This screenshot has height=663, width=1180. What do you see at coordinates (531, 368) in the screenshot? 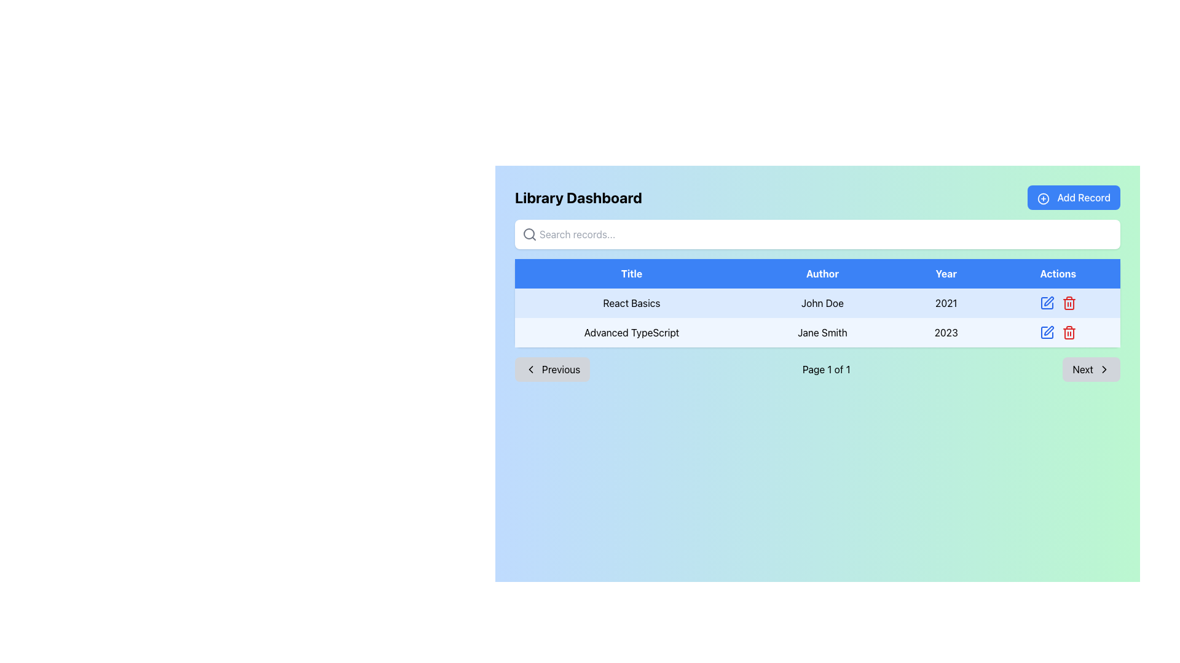
I see `the left-pointing chevron SVG icon located to the left of the 'Previous' button in the bottom-left area of the content section` at bounding box center [531, 368].